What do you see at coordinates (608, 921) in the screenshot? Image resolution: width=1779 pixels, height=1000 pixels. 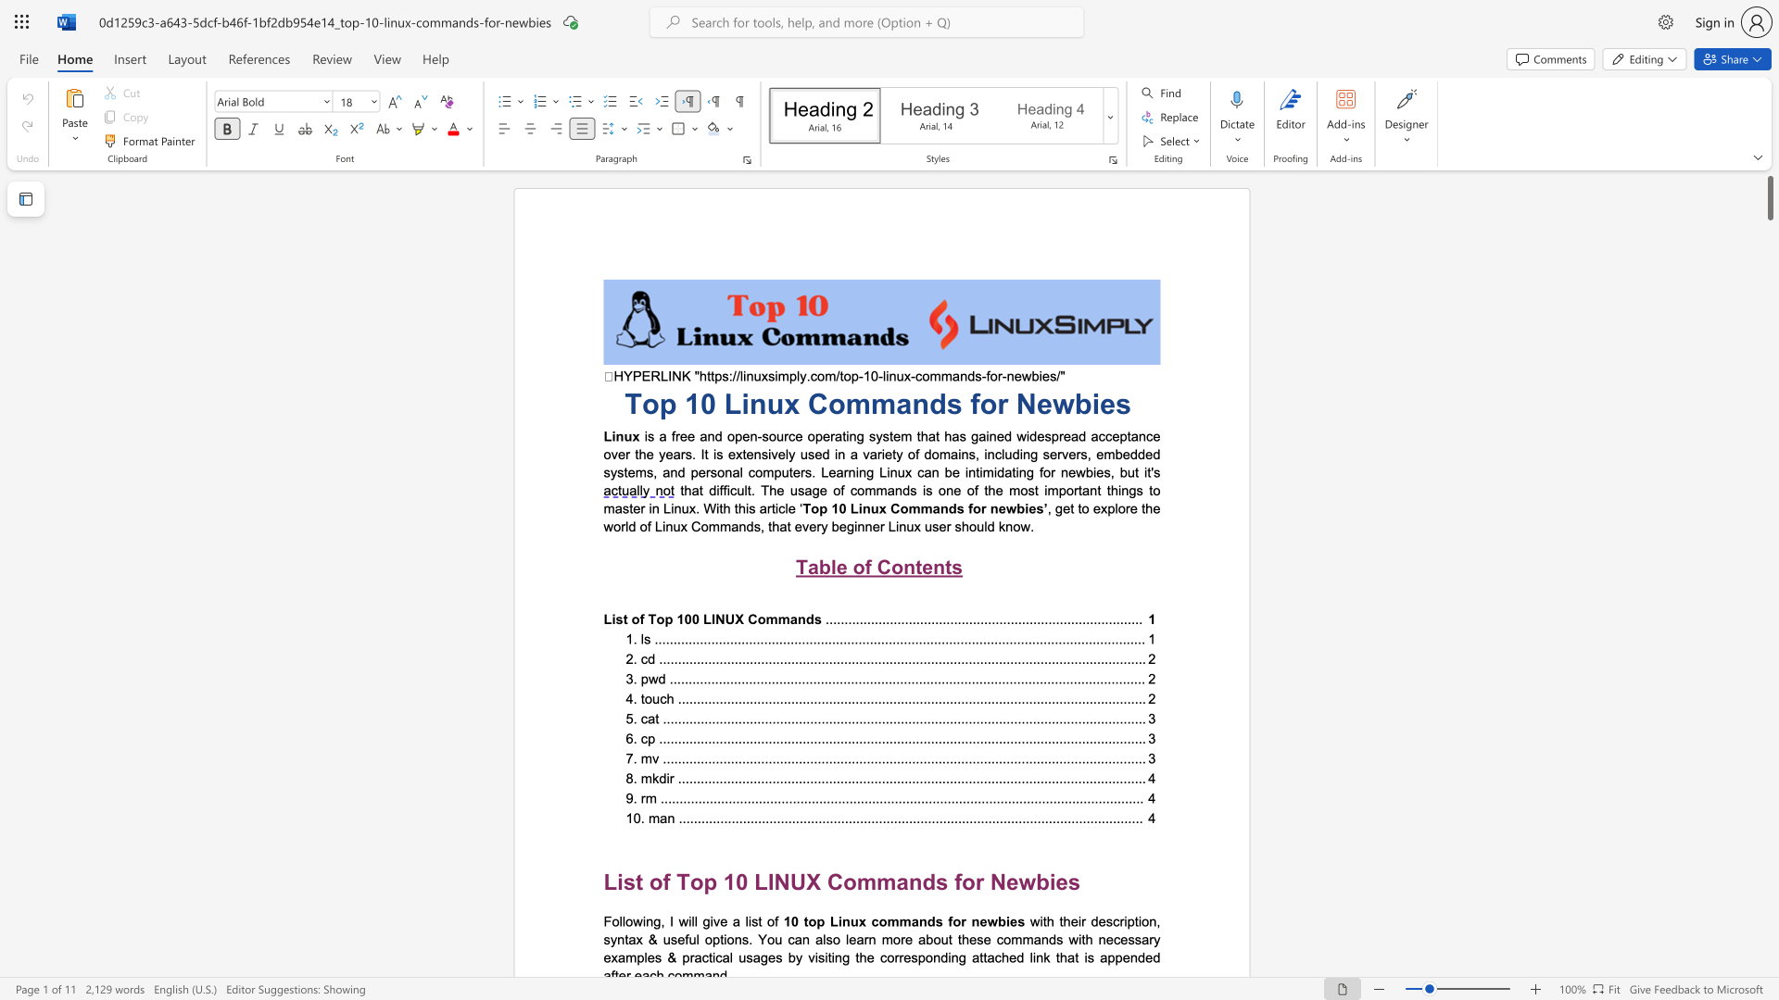 I see `the 1th character "F" in the text` at bounding box center [608, 921].